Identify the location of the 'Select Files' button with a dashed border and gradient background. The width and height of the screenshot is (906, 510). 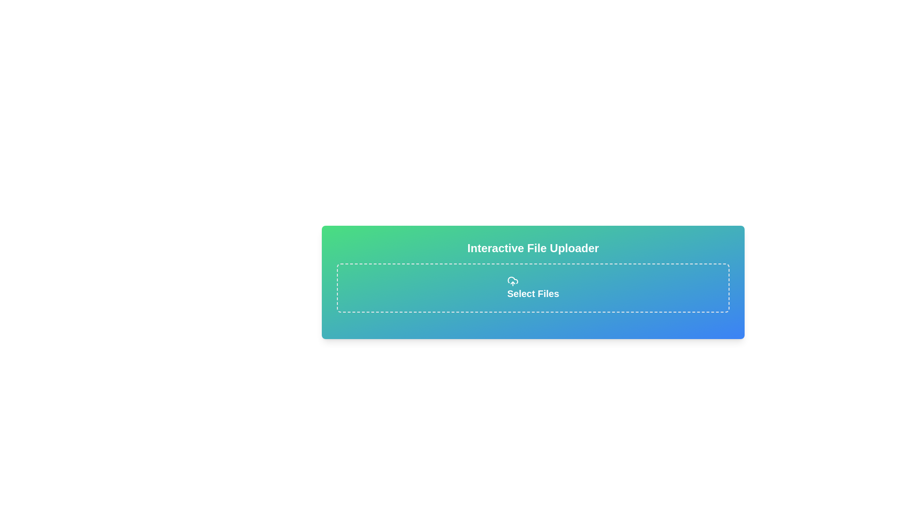
(533, 287).